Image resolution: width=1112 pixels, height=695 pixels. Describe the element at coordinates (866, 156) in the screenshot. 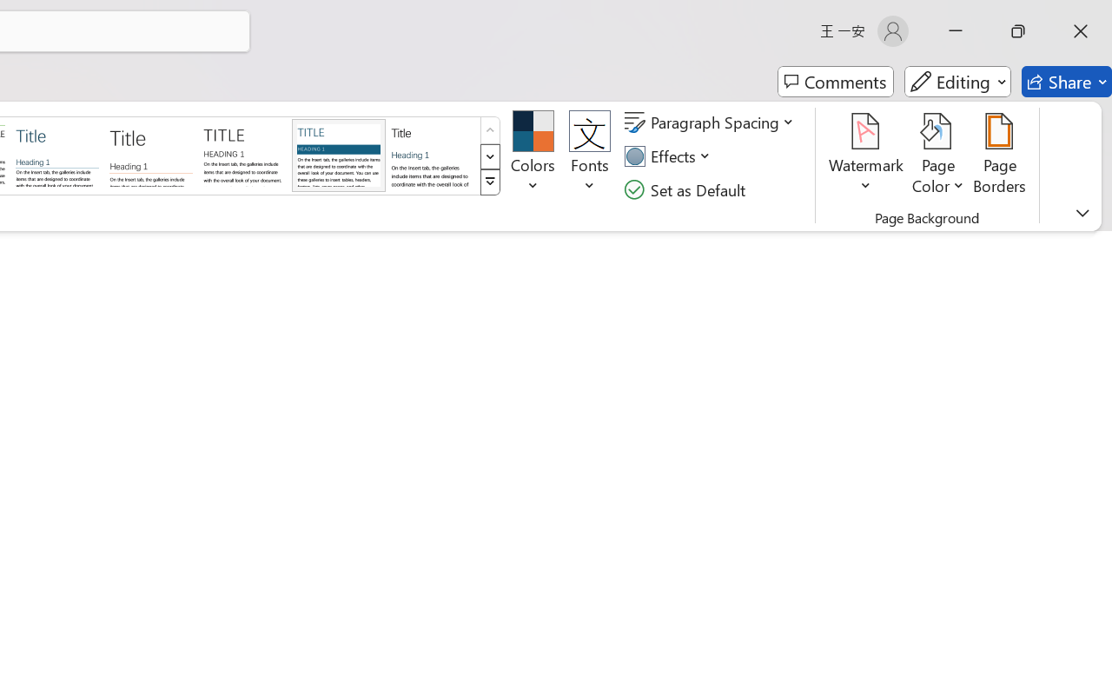

I see `'Watermark'` at that location.